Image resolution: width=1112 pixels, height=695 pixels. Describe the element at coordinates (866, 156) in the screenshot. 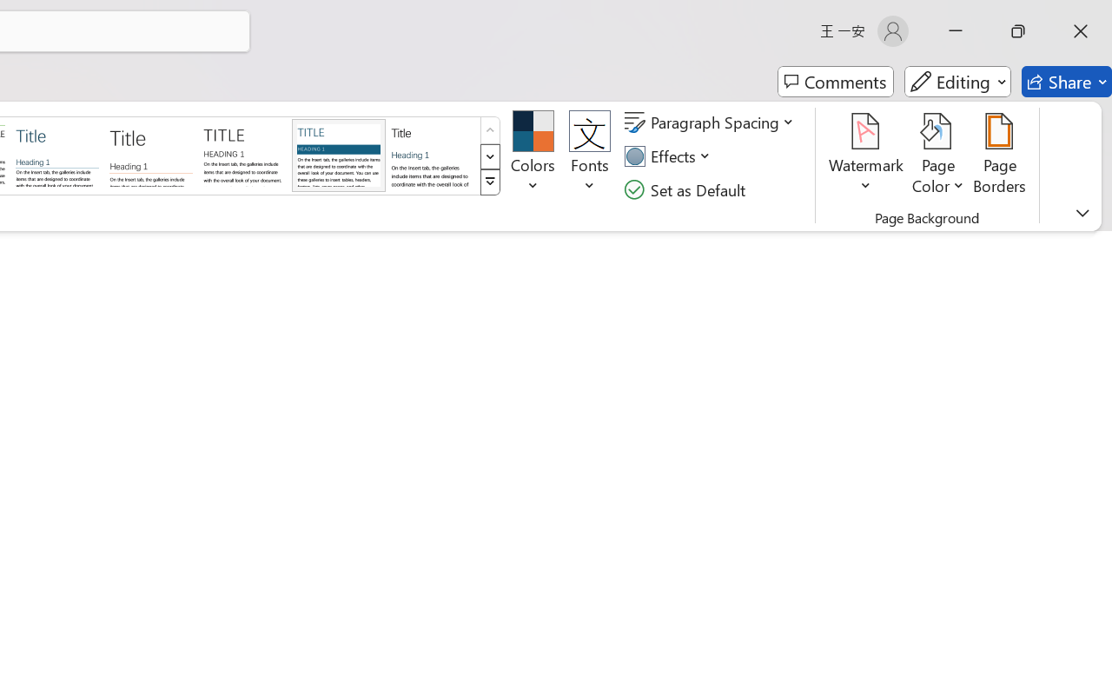

I see `'Watermark'` at that location.